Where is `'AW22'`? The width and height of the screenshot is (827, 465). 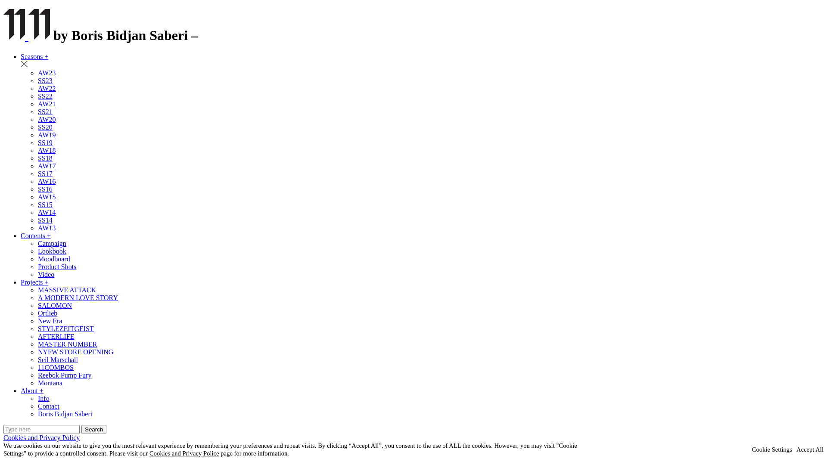 'AW22' is located at coordinates (46, 88).